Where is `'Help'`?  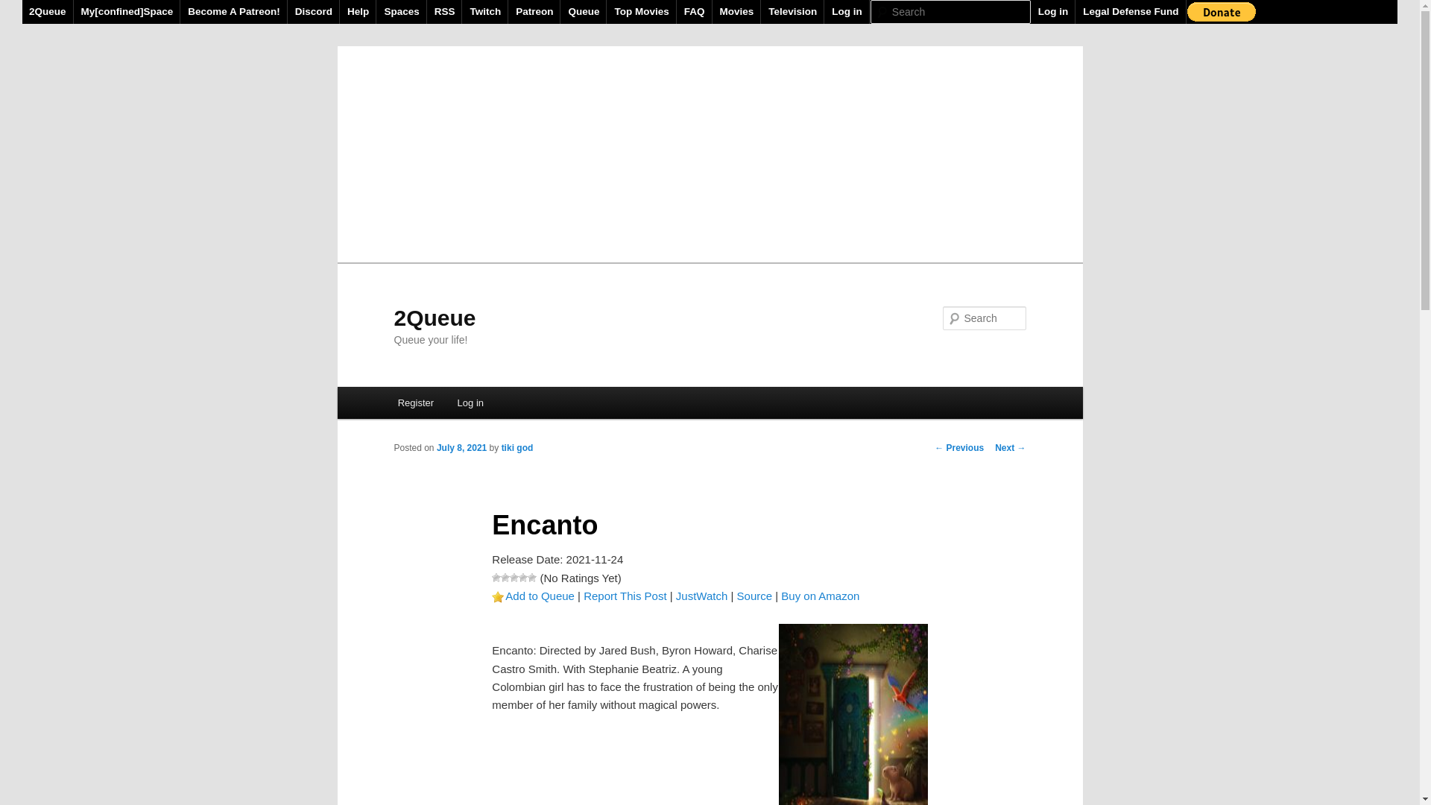 'Help' is located at coordinates (358, 11).